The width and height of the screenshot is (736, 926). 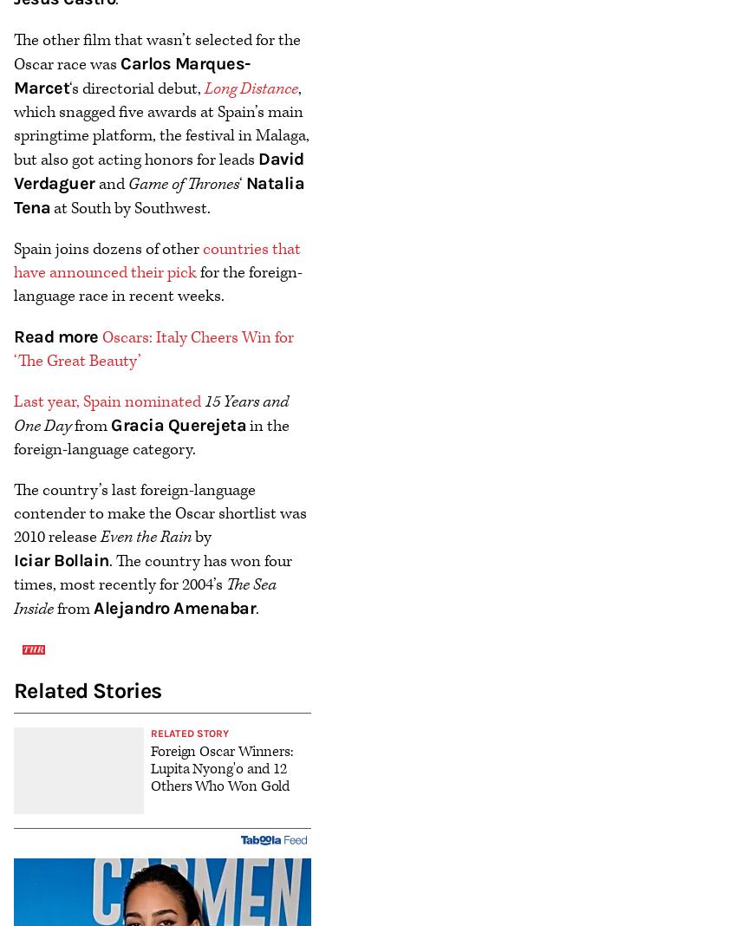 What do you see at coordinates (221, 767) in the screenshot?
I see `'Foreign Oscar Winners: Lupita Nyong'o and 12 Others Who Won Gold'` at bounding box center [221, 767].